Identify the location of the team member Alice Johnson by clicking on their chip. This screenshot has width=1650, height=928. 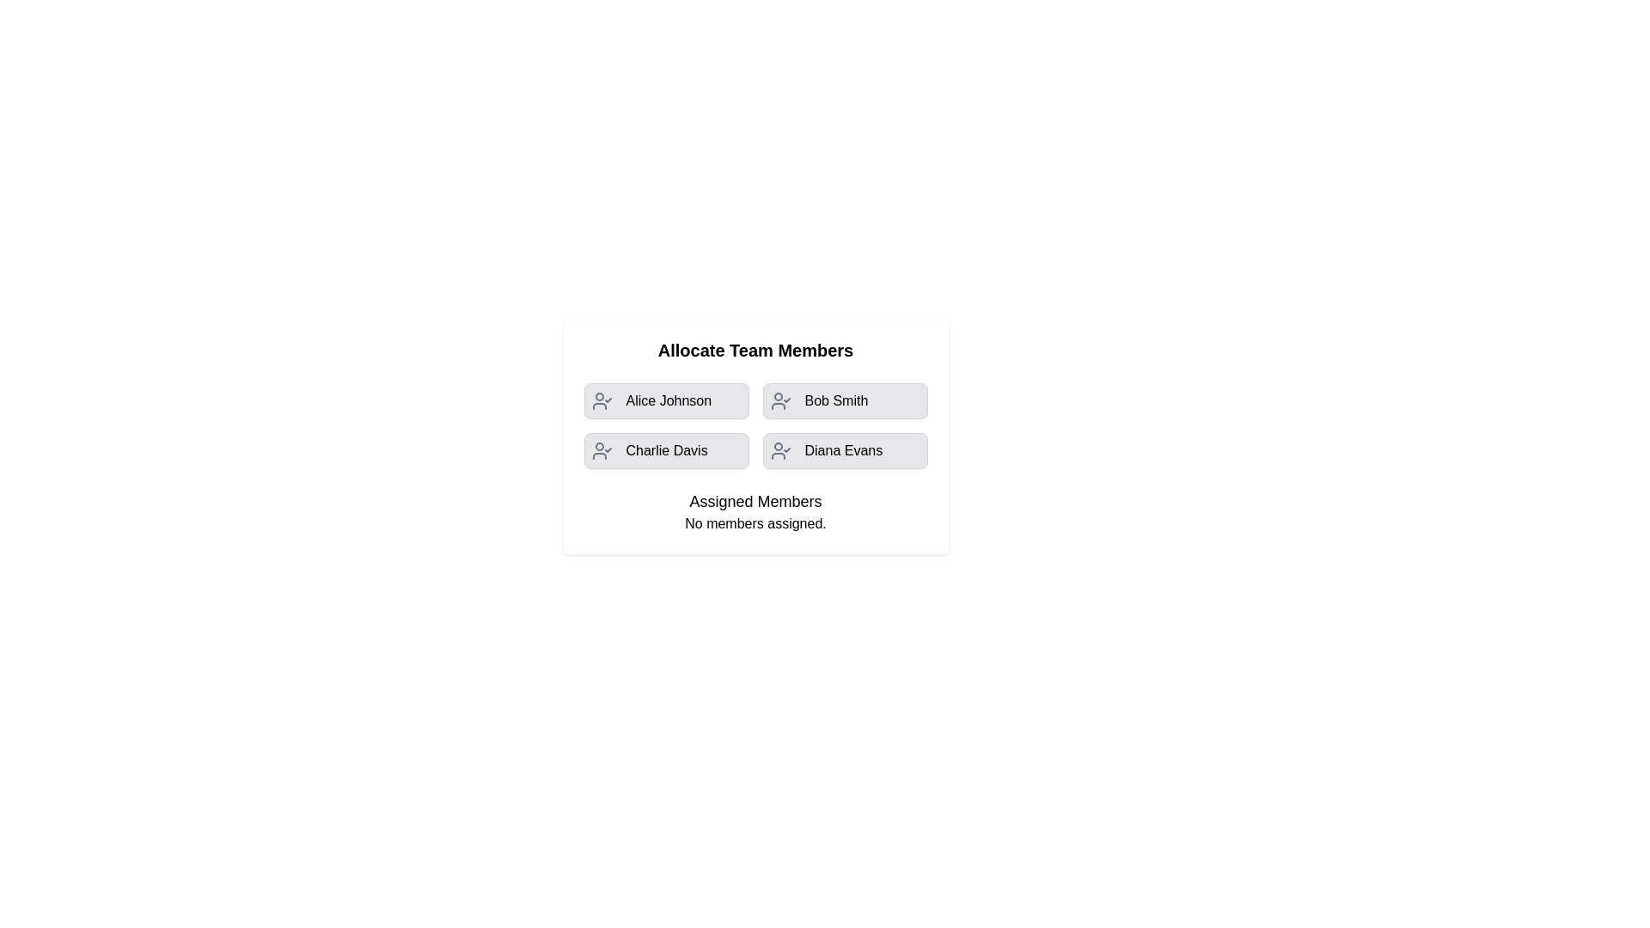
(665, 400).